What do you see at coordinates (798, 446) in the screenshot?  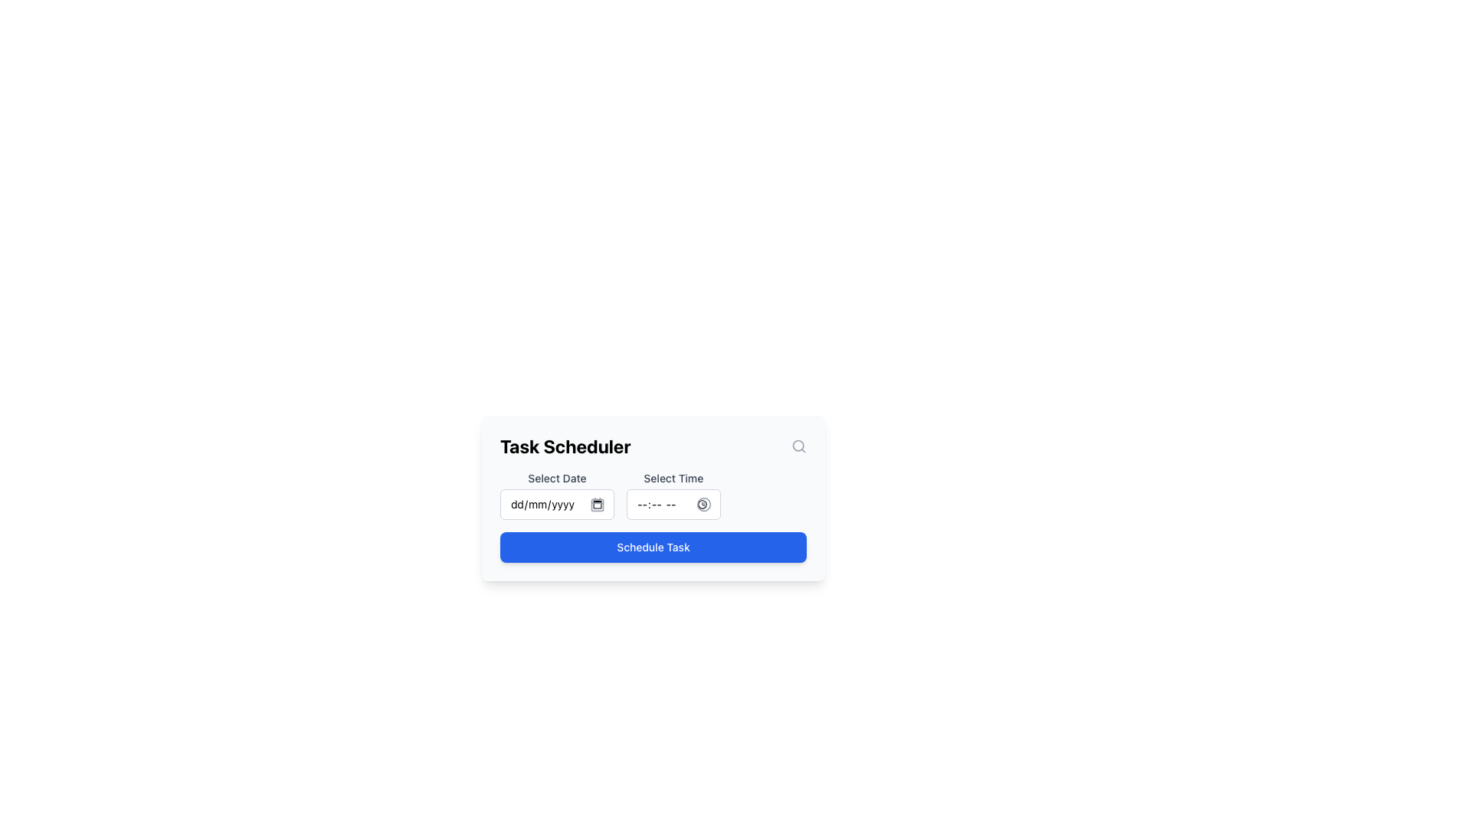 I see `the circular part of the magnifying glass icon located in the top-right corner of the 'Task Scheduler' dialog` at bounding box center [798, 446].